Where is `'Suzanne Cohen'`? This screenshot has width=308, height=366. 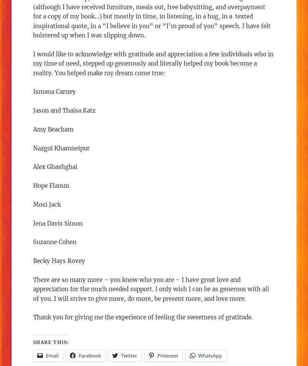
'Suzanne Cohen' is located at coordinates (55, 241).